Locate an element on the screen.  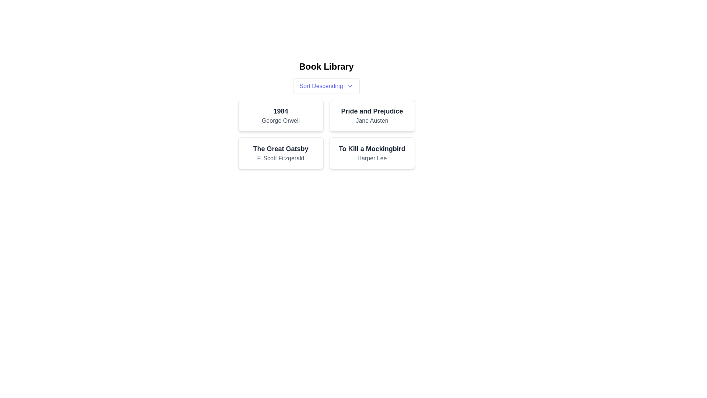
the text label displaying 'The Great Gatsby', which is prominently positioned in bold dark-gray text at the top of its card in the bottom-left quadrant is located at coordinates (280, 149).